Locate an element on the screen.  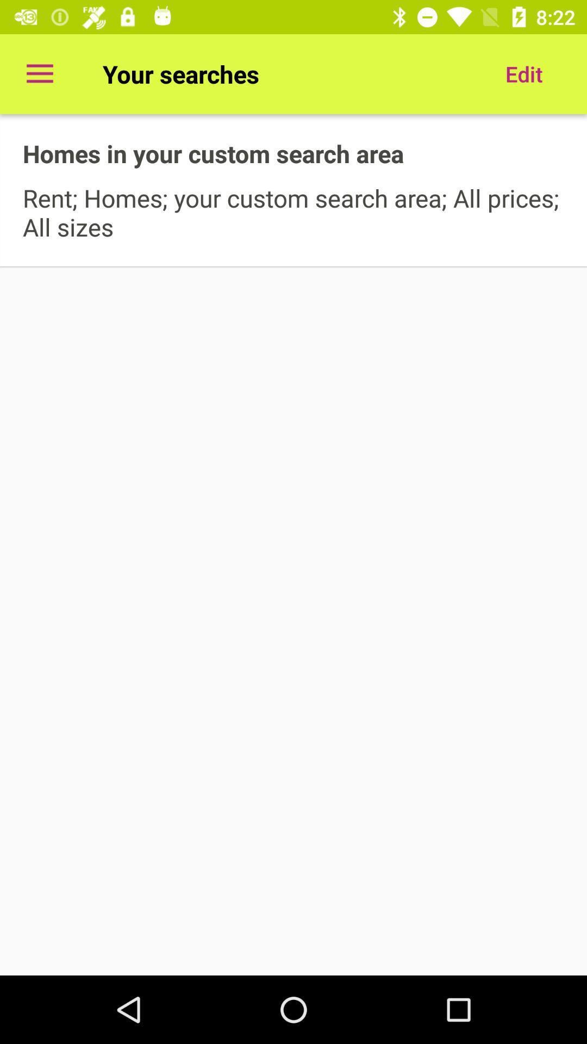
icon next to the your searches item is located at coordinates (39, 73).